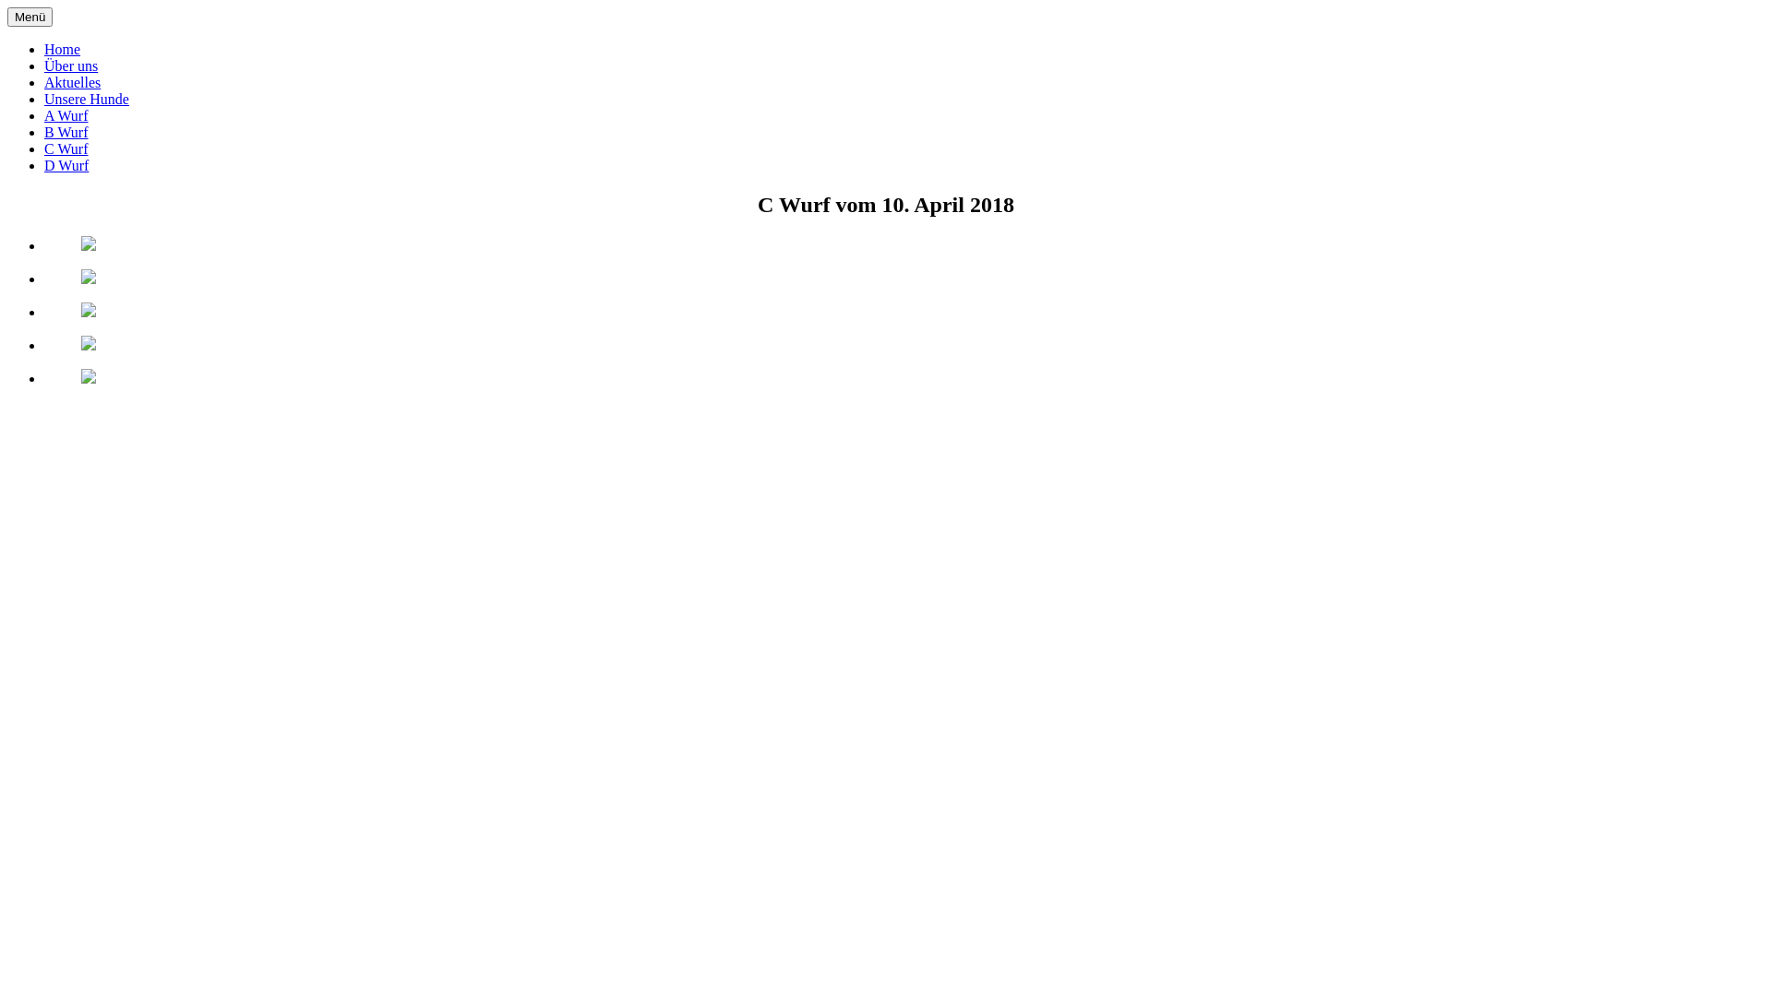  What do you see at coordinates (66, 131) in the screenshot?
I see `'B Wurf'` at bounding box center [66, 131].